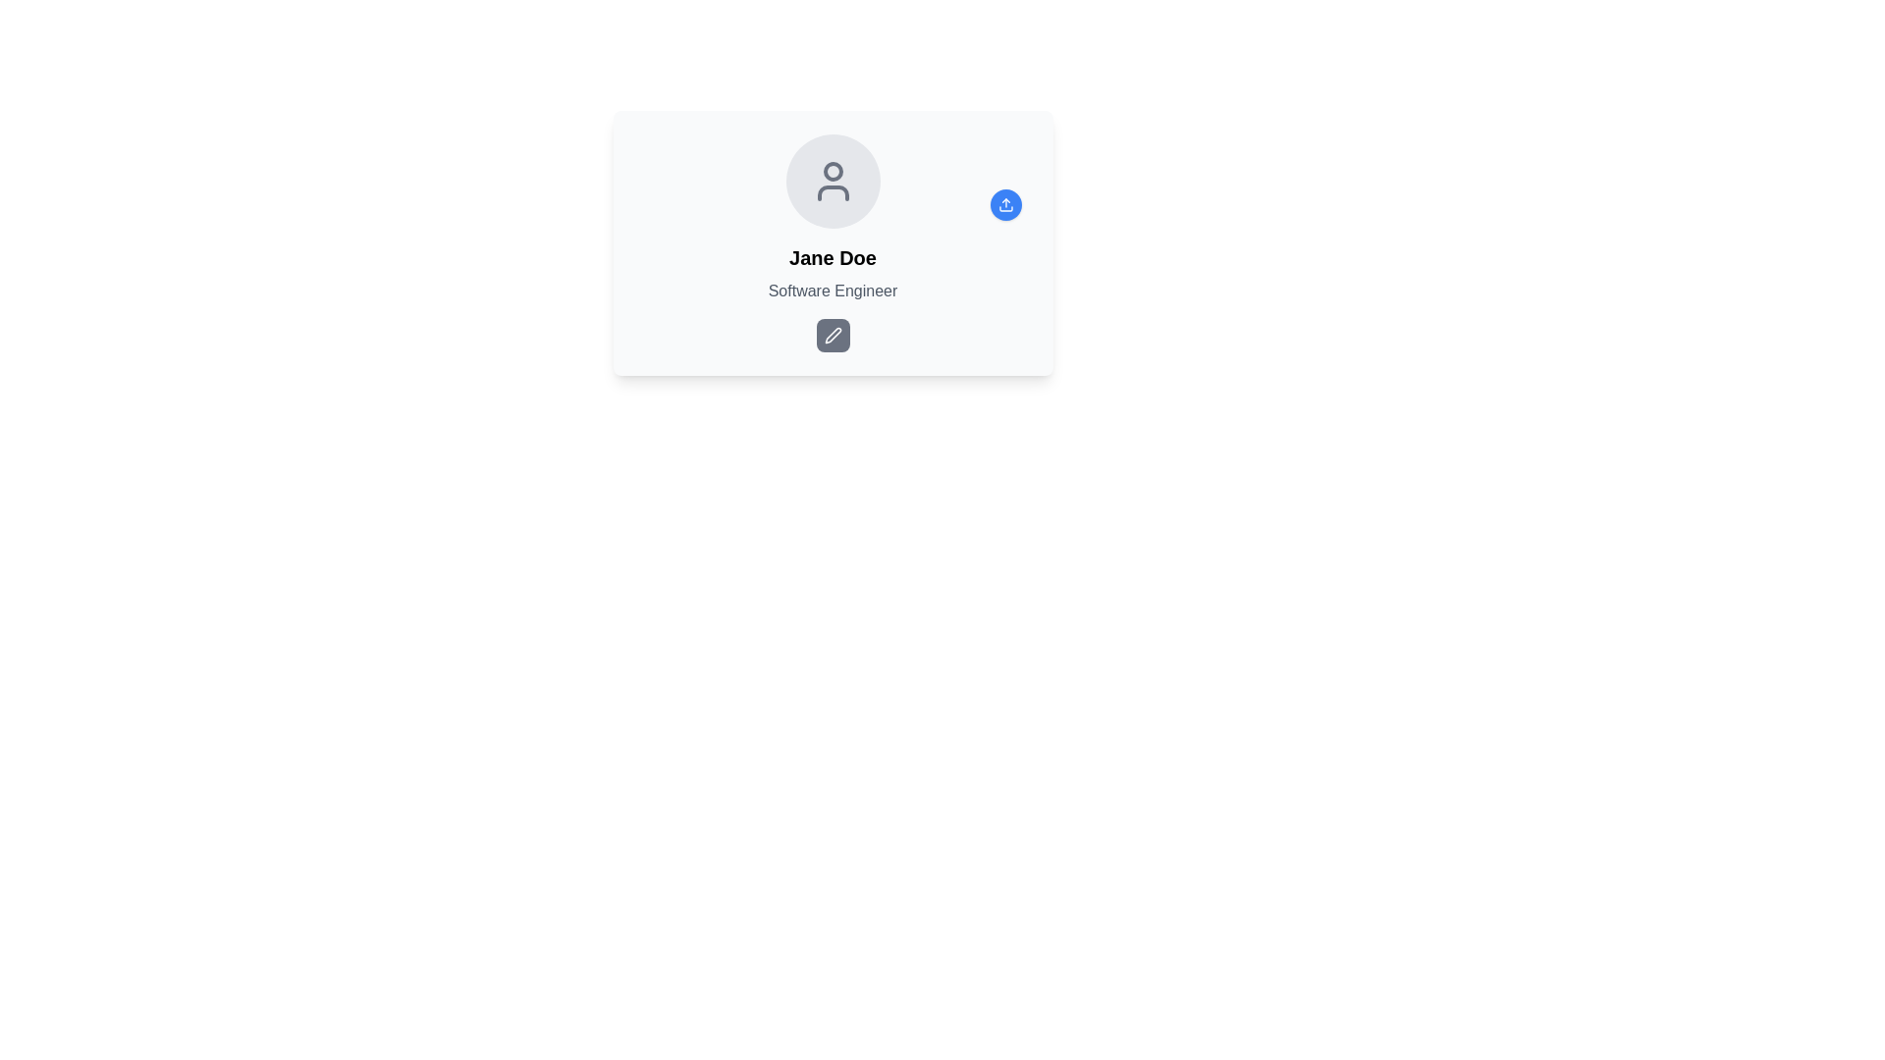  Describe the element at coordinates (833, 182) in the screenshot. I see `the Circular Image Placeholder Icon located above the text 'Jane Doe' and 'Software Engineer', and to the left of the blue upload button` at that location.